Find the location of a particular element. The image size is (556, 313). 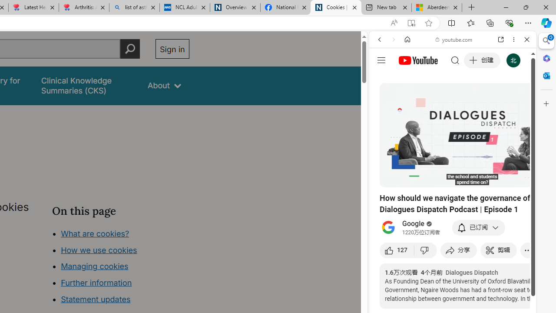

'list of asthma inhalers uk - Search' is located at coordinates (134, 7).